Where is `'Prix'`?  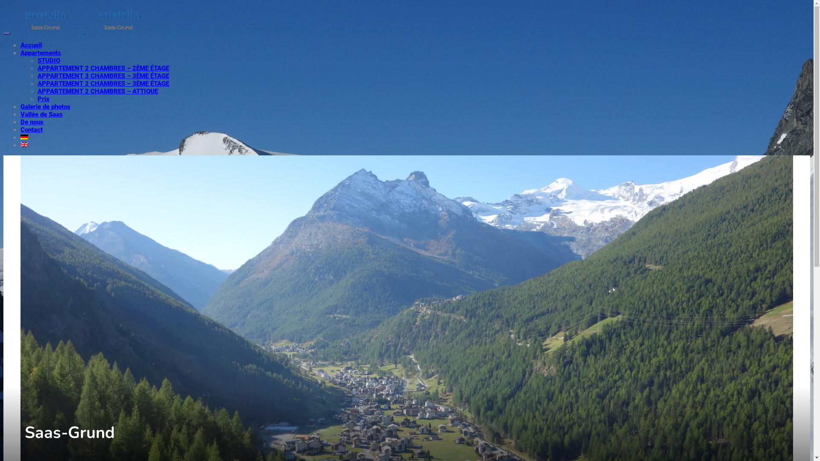 'Prix' is located at coordinates (43, 98).